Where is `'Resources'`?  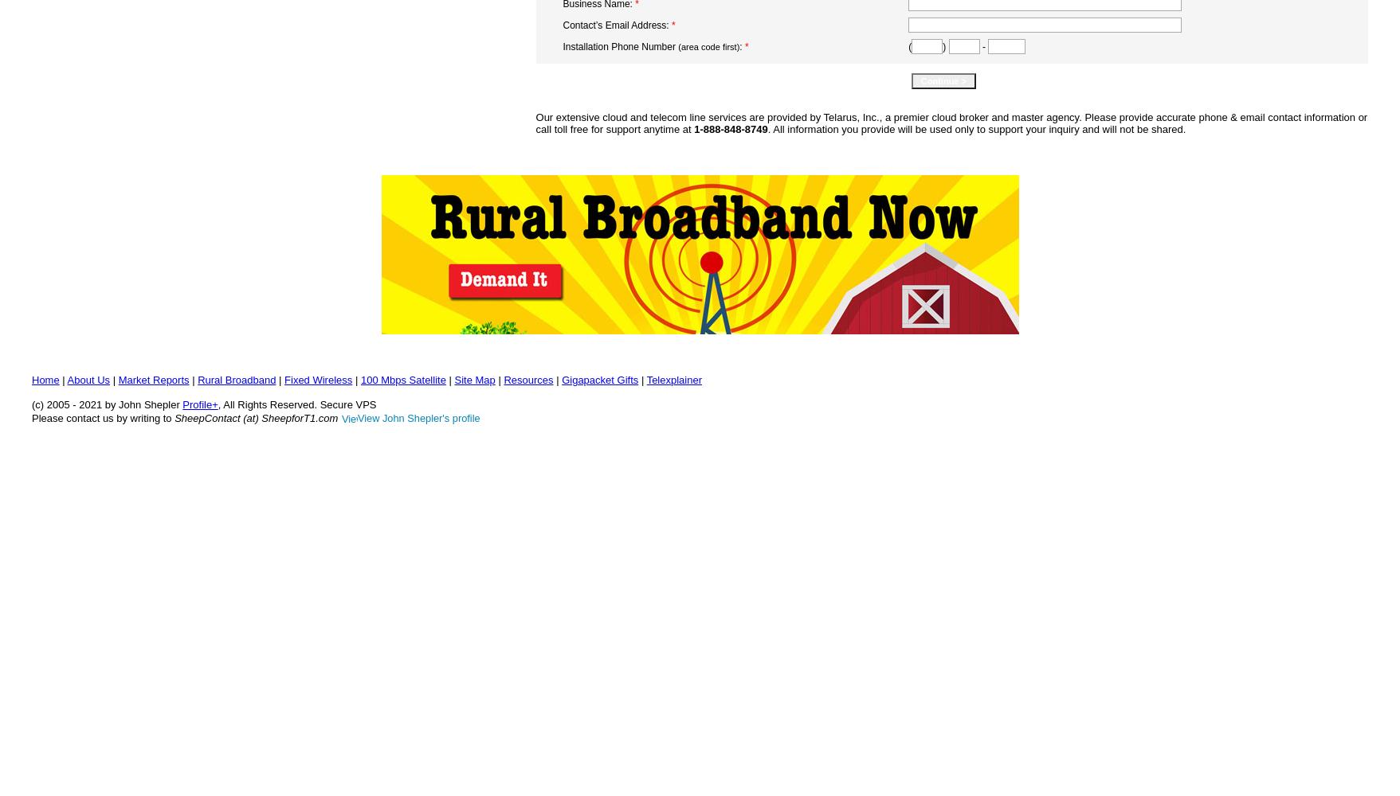 'Resources' is located at coordinates (527, 379).